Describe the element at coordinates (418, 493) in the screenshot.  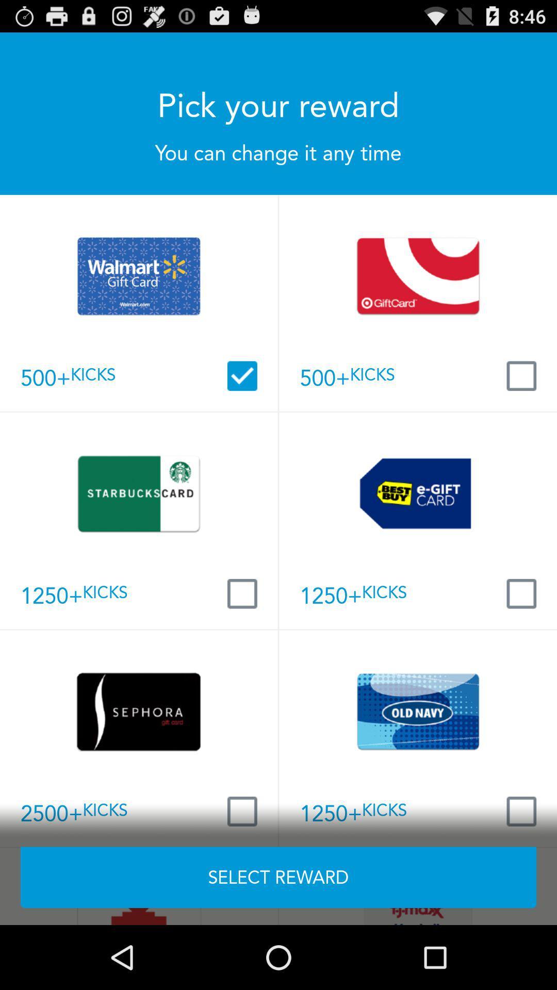
I see `the second image which is after starbucks card` at that location.